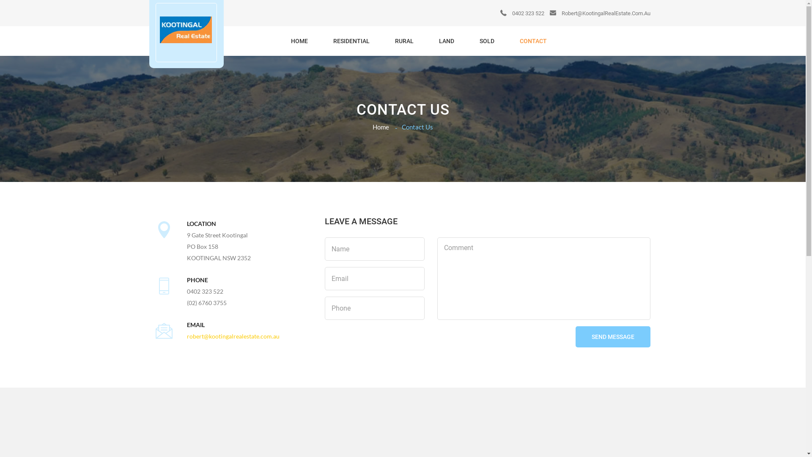 This screenshot has width=812, height=457. Describe the element at coordinates (521, 13) in the screenshot. I see `'0402 323 522'` at that location.